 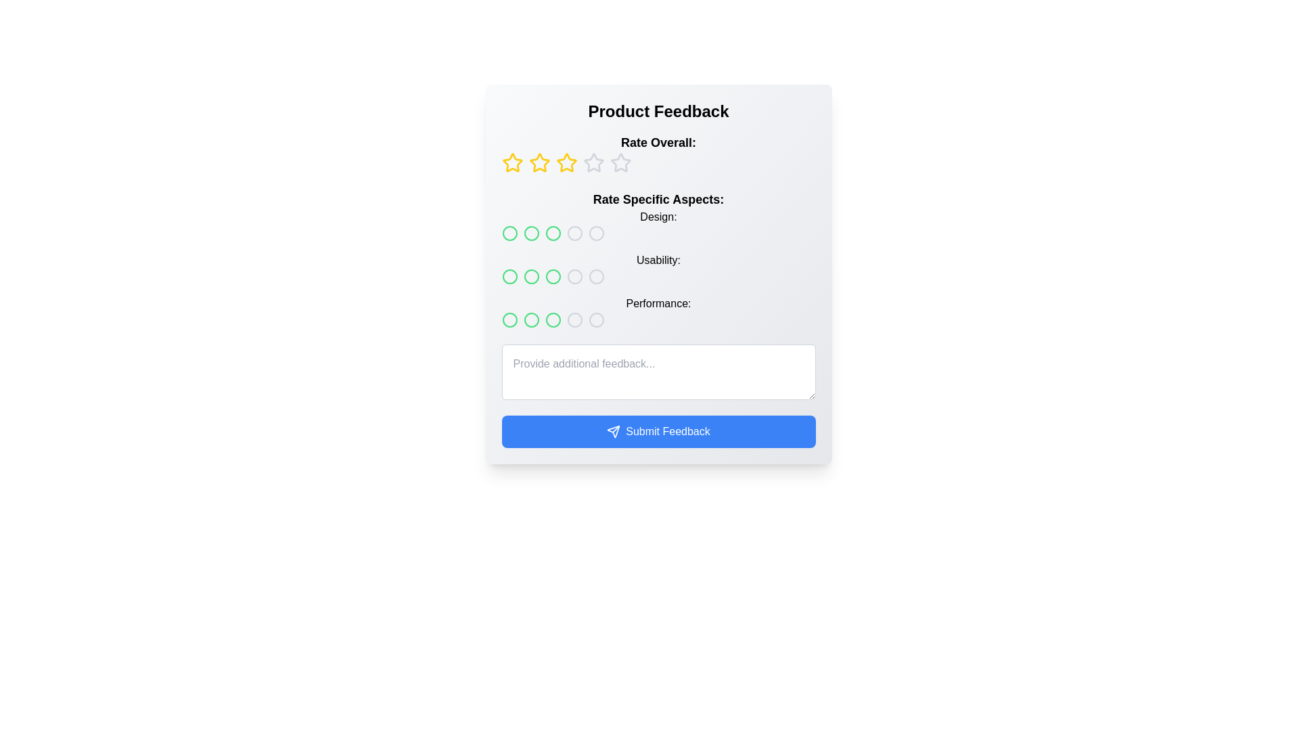 What do you see at coordinates (530, 275) in the screenshot?
I see `the second radio button in the horizontal group of rating options under the 'Usability' category` at bounding box center [530, 275].